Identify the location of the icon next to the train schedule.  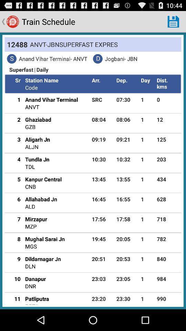
(173, 21).